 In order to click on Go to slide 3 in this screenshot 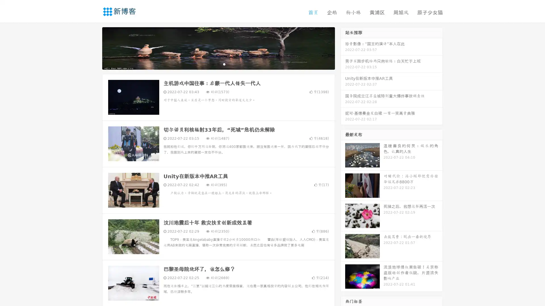, I will do `click(224, 64)`.